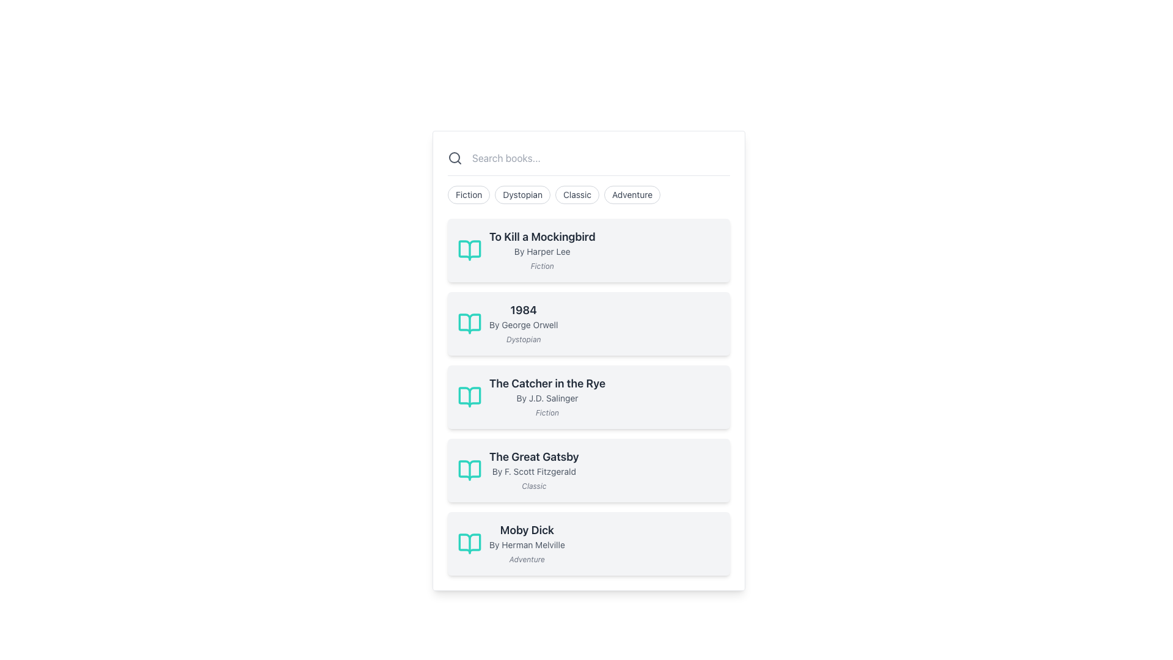 Image resolution: width=1173 pixels, height=660 pixels. Describe the element at coordinates (632, 194) in the screenshot. I see `the toggleable filter button for the 'Adventure' category located under the search bar` at that location.